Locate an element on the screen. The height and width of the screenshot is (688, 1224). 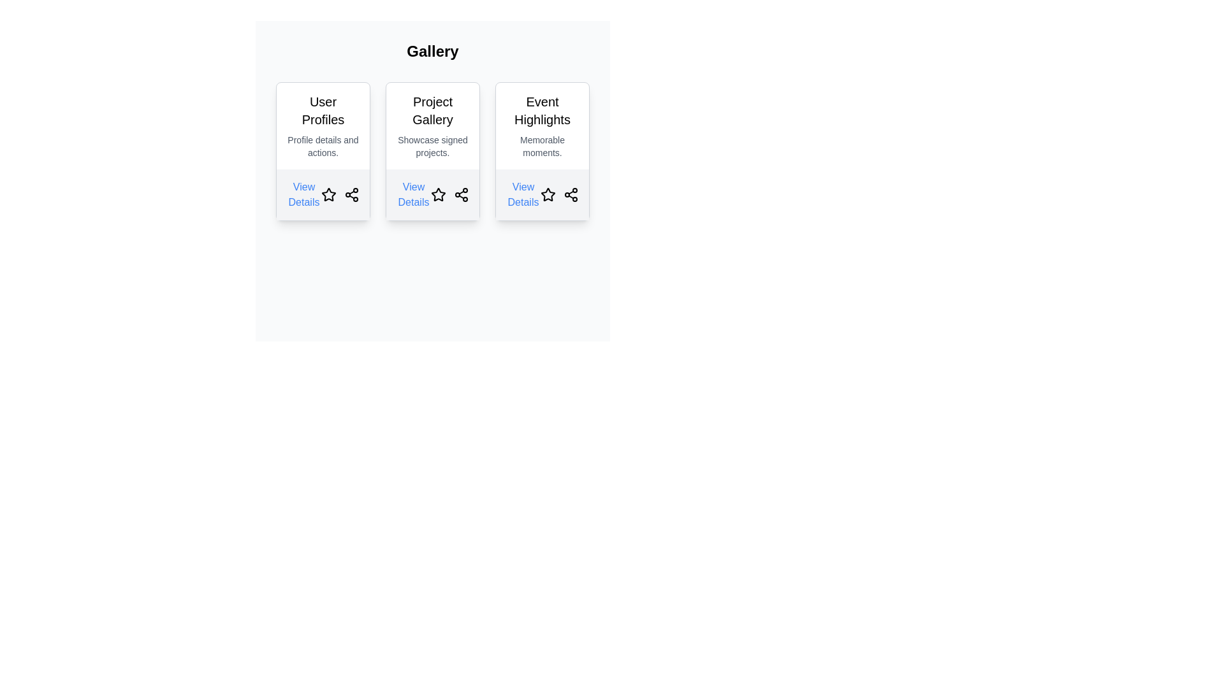
the sharing icon located in the bottom control row of the 'Event Highlights' card, immediately to the right of the star-shaped icon is located at coordinates (571, 194).